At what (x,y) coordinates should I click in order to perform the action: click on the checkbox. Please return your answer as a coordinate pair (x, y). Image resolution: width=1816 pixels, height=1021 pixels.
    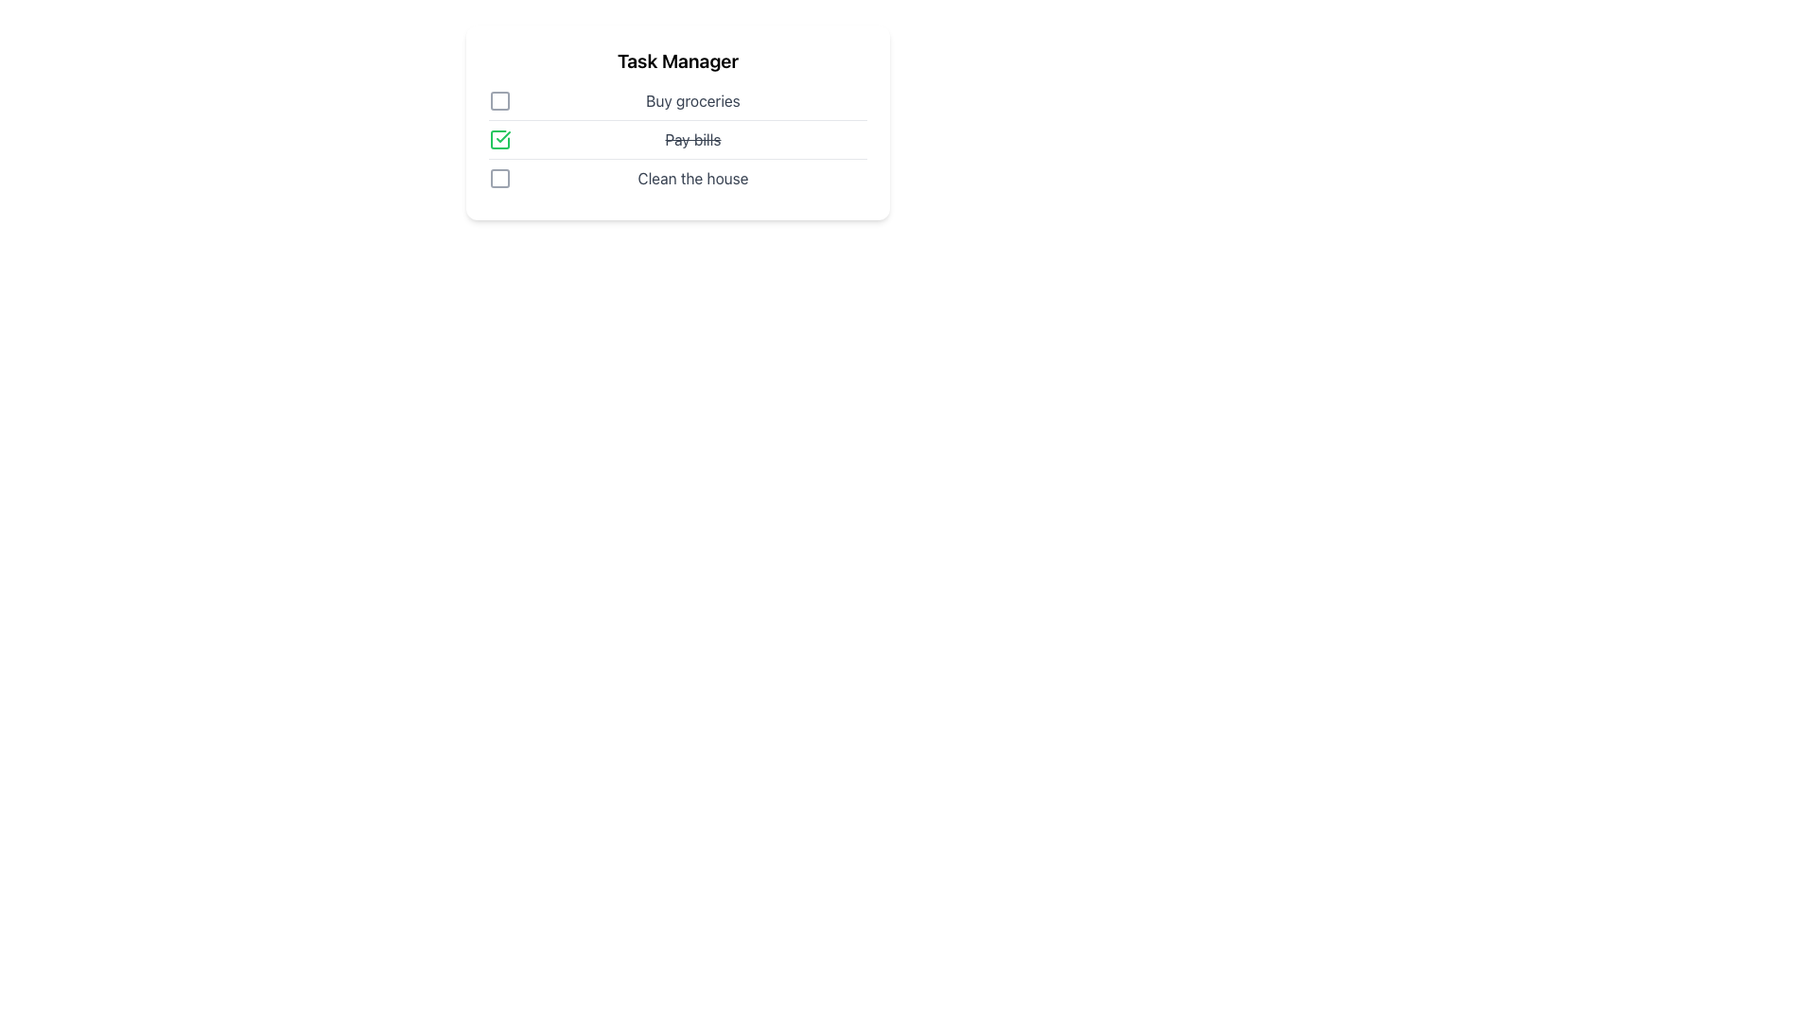
    Looking at the image, I should click on (499, 179).